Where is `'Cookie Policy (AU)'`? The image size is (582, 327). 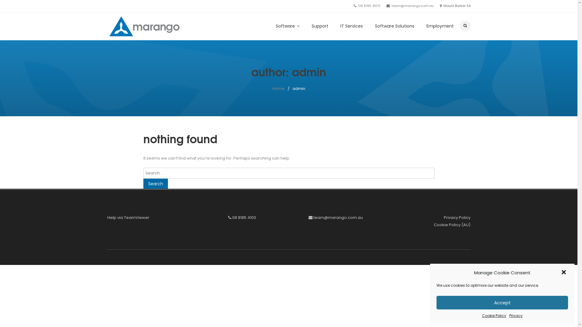
'Cookie Policy (AU)' is located at coordinates (452, 225).